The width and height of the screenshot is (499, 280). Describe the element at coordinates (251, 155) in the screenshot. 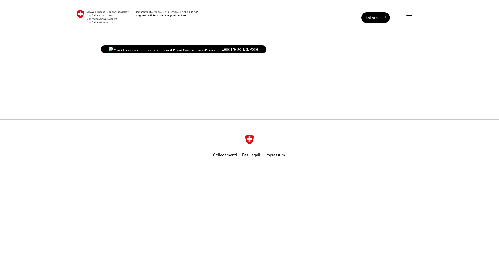

I see `'Basi legali'` at that location.